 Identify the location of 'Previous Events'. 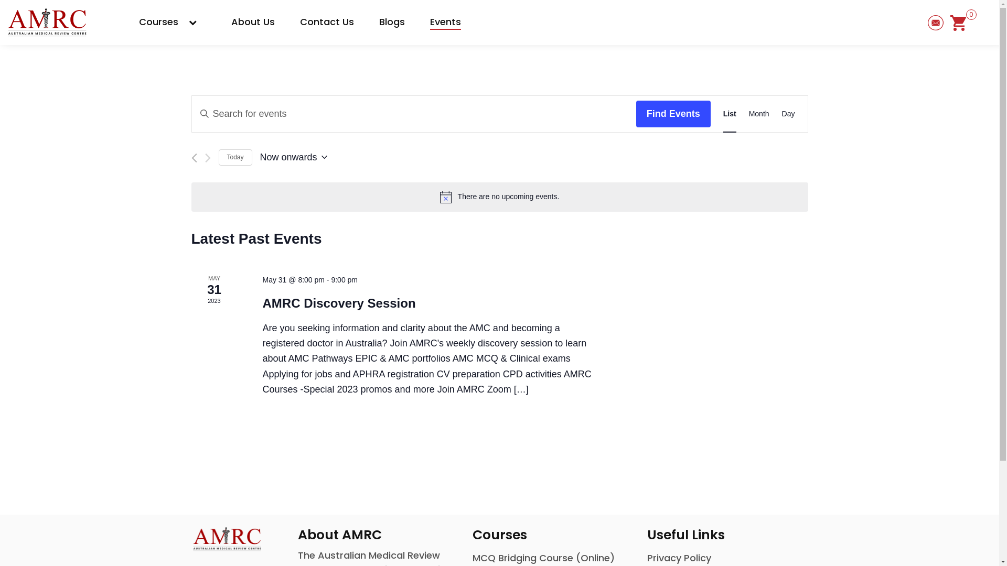
(191, 158).